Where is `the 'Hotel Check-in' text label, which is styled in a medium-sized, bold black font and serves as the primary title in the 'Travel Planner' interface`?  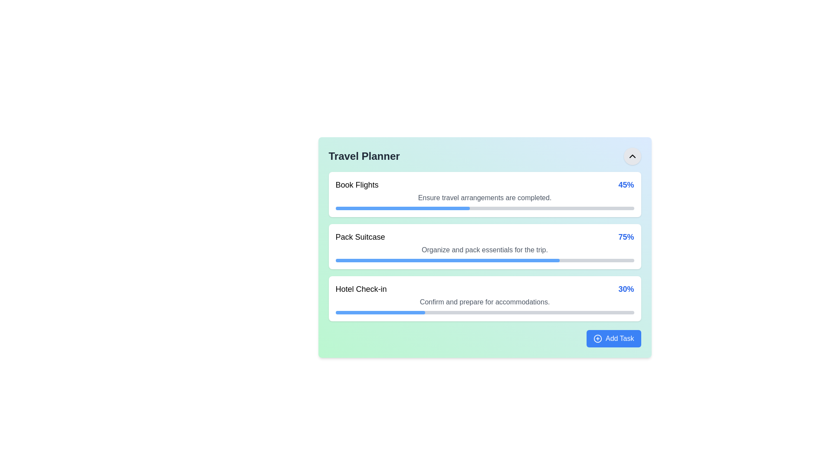
the 'Hotel Check-in' text label, which is styled in a medium-sized, bold black font and serves as the primary title in the 'Travel Planner' interface is located at coordinates (361, 289).